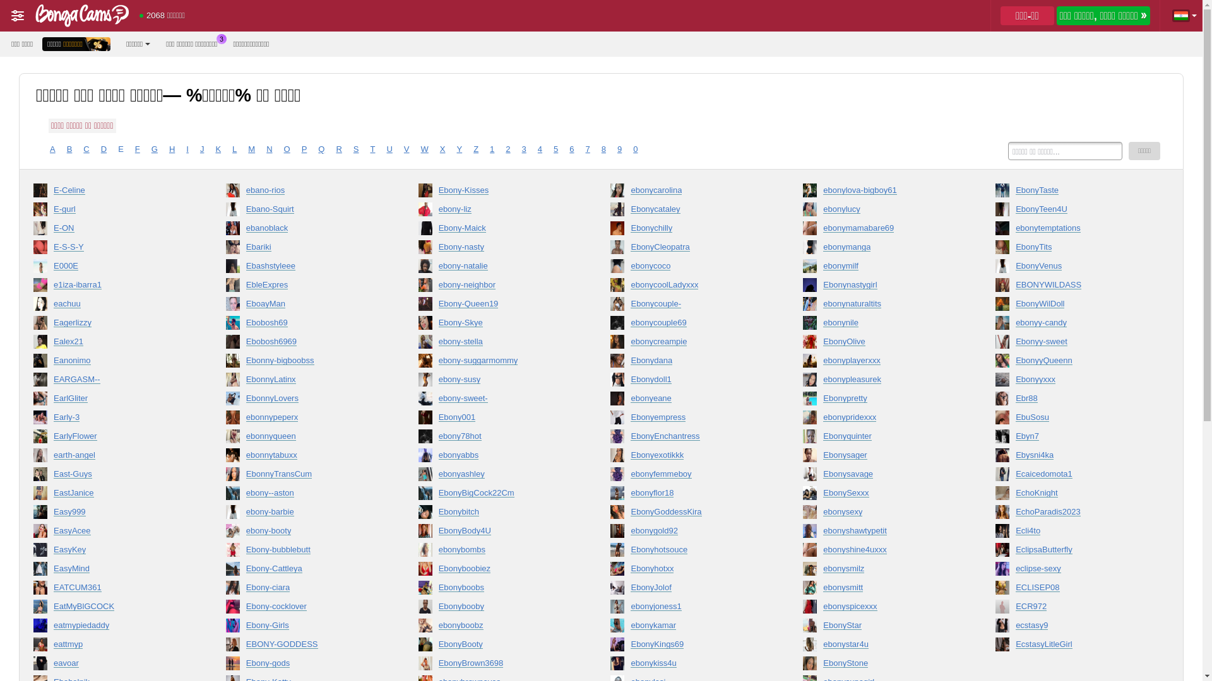 The width and height of the screenshot is (1212, 681). Describe the element at coordinates (496, 457) in the screenshot. I see `'ebonyabbs'` at that location.